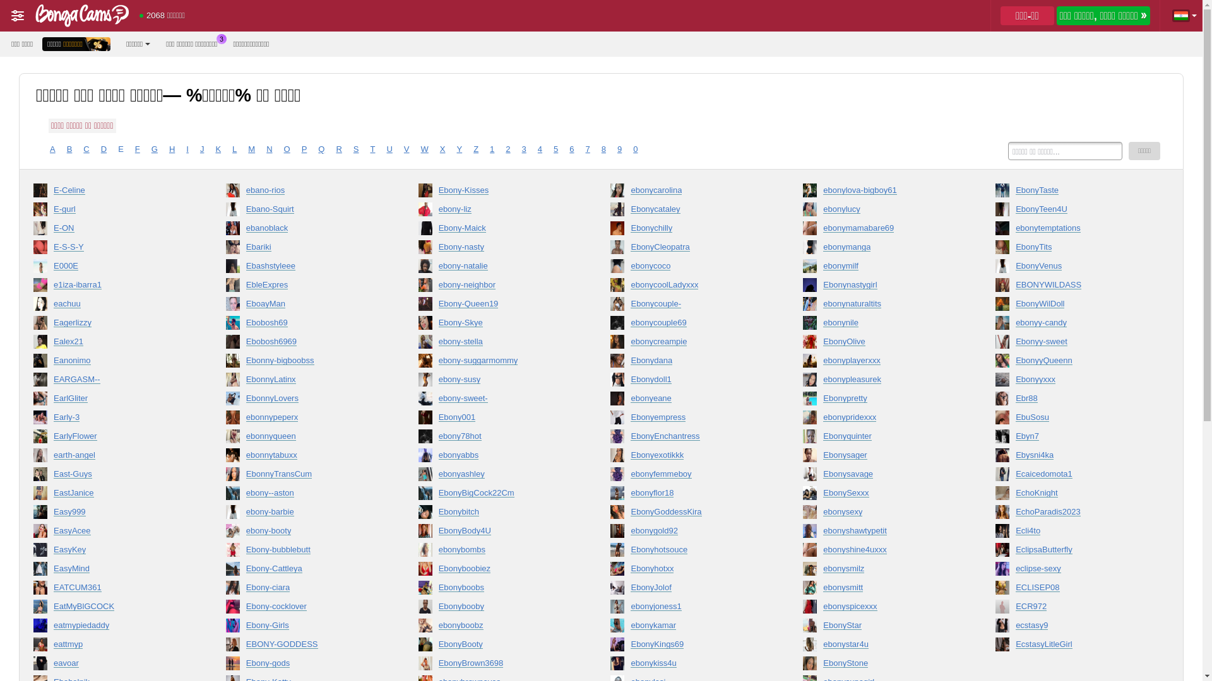 The width and height of the screenshot is (1212, 681). Describe the element at coordinates (496, 457) in the screenshot. I see `'ebonyabbs'` at that location.